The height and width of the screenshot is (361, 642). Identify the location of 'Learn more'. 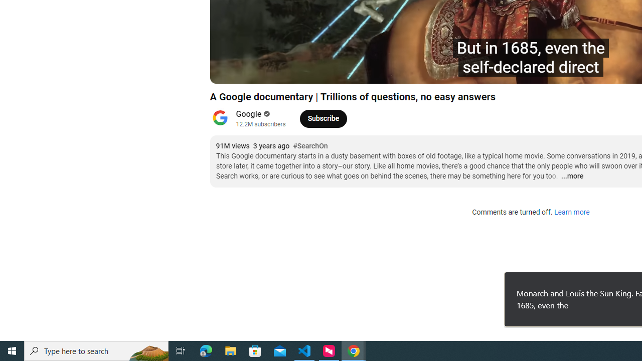
(571, 212).